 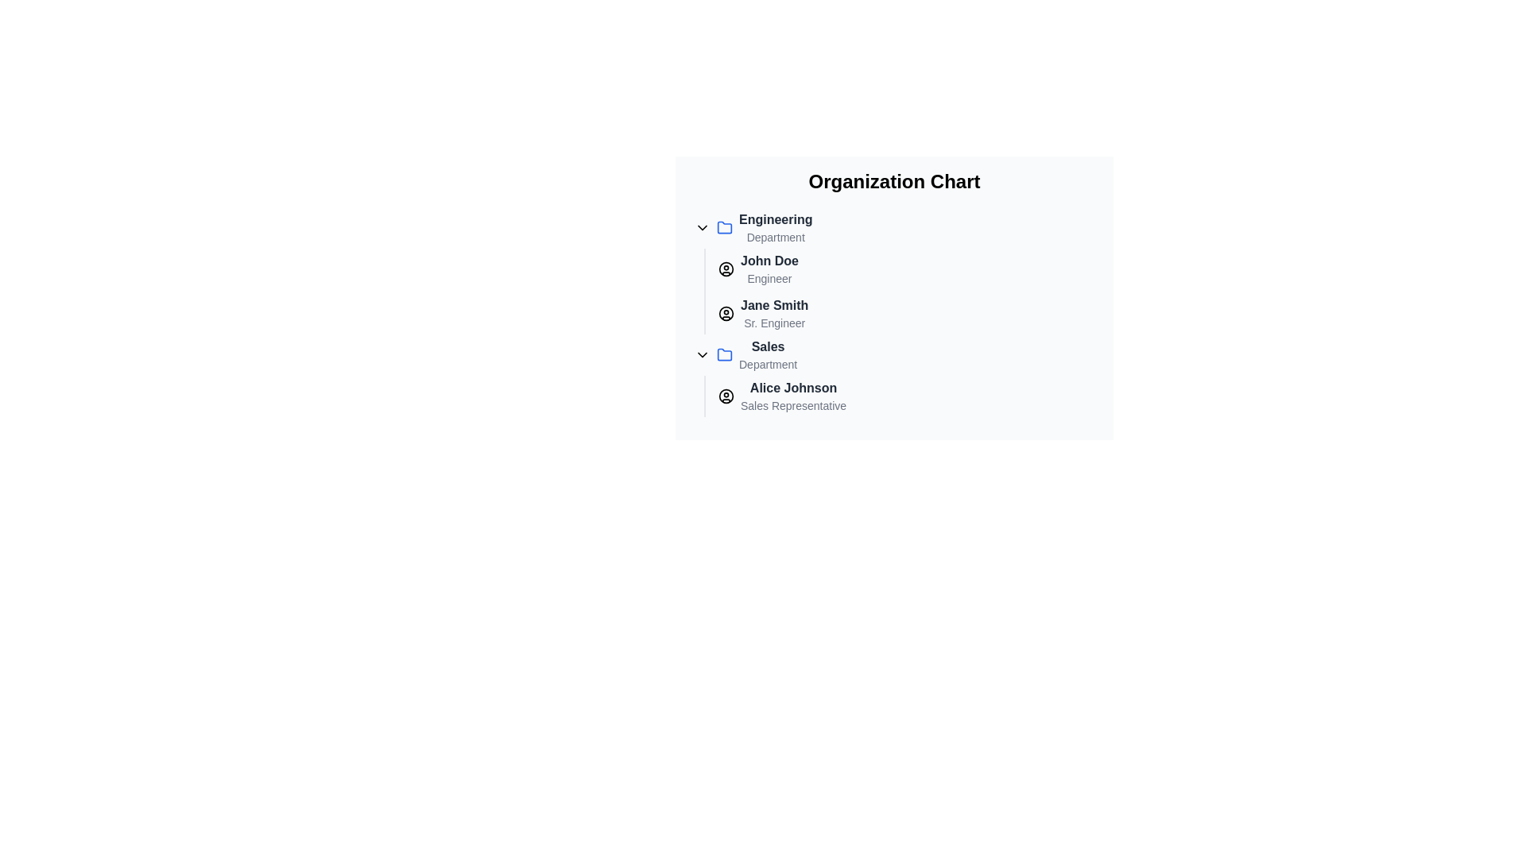 What do you see at coordinates (701, 227) in the screenshot?
I see `the 'Engineering Department' dropdown toggle button` at bounding box center [701, 227].